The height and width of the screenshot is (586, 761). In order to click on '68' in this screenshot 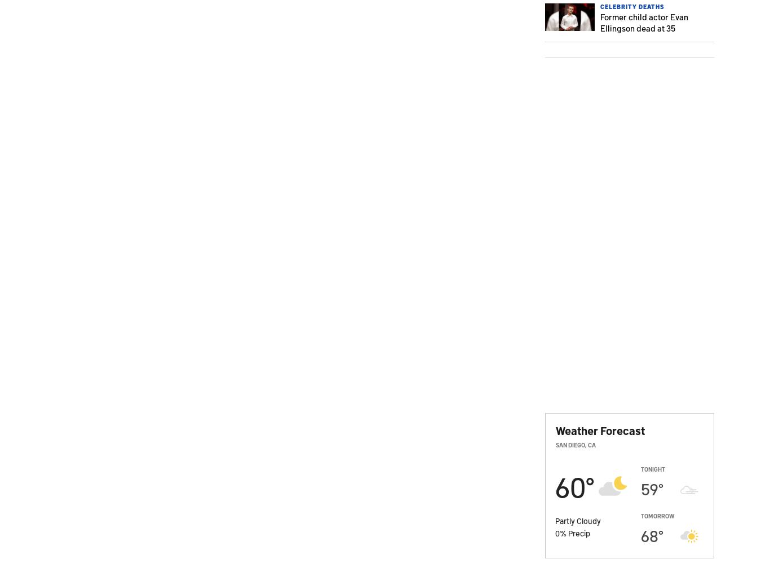, I will do `click(649, 535)`.